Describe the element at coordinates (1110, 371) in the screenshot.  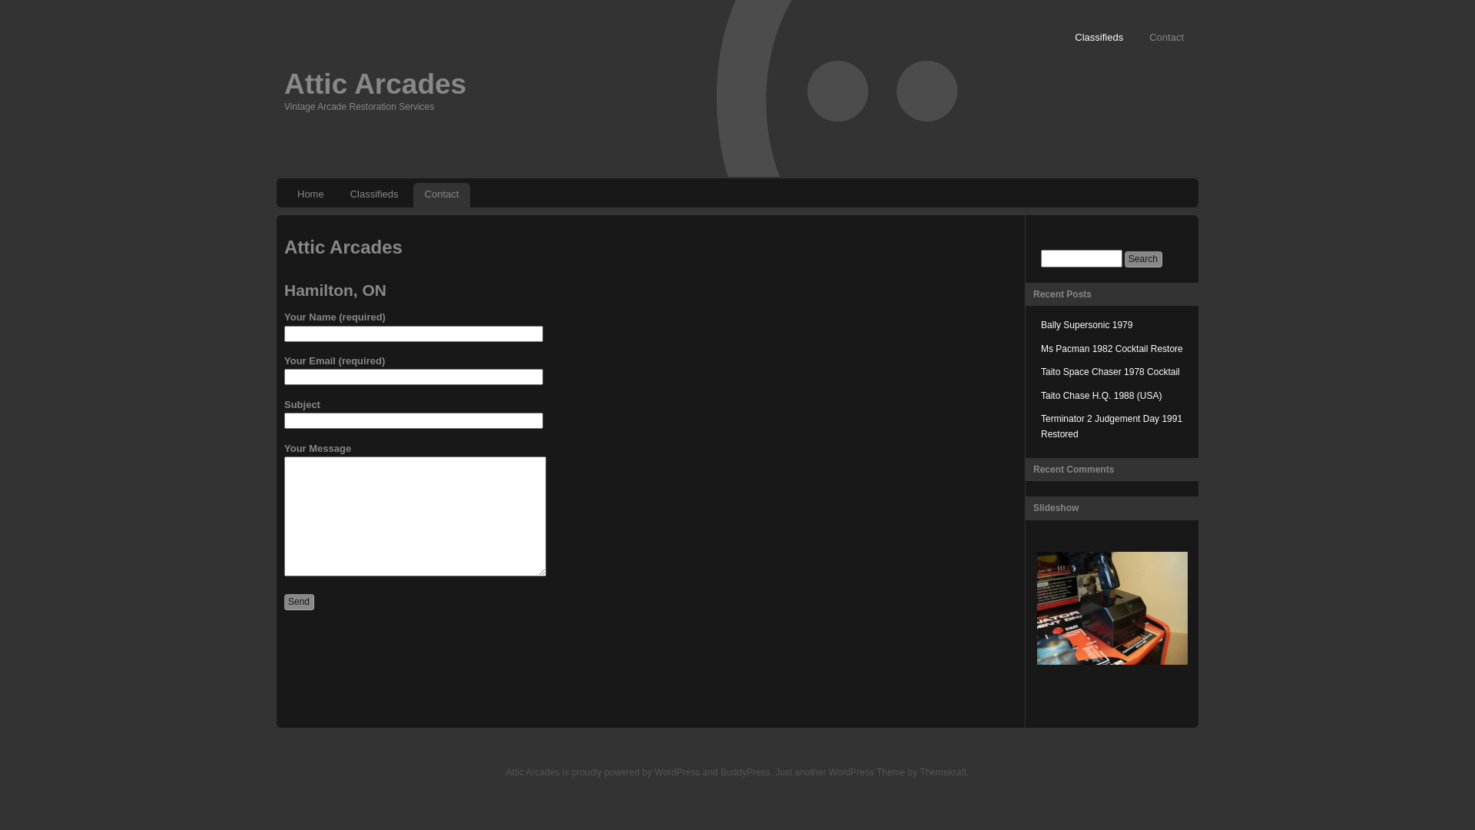
I see `'Taito Space Chaser 1978 Cocktail'` at that location.